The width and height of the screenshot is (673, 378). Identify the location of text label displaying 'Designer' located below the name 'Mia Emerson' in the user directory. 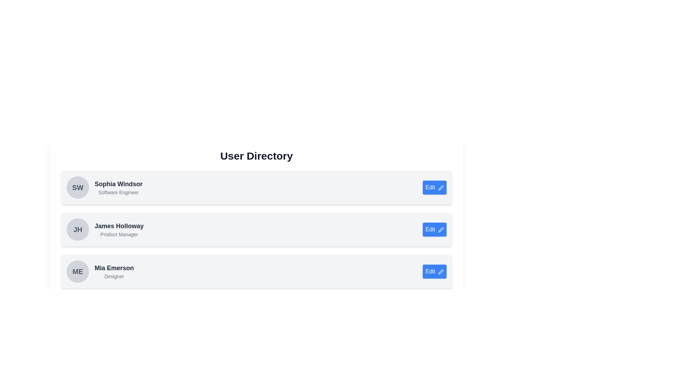
(114, 276).